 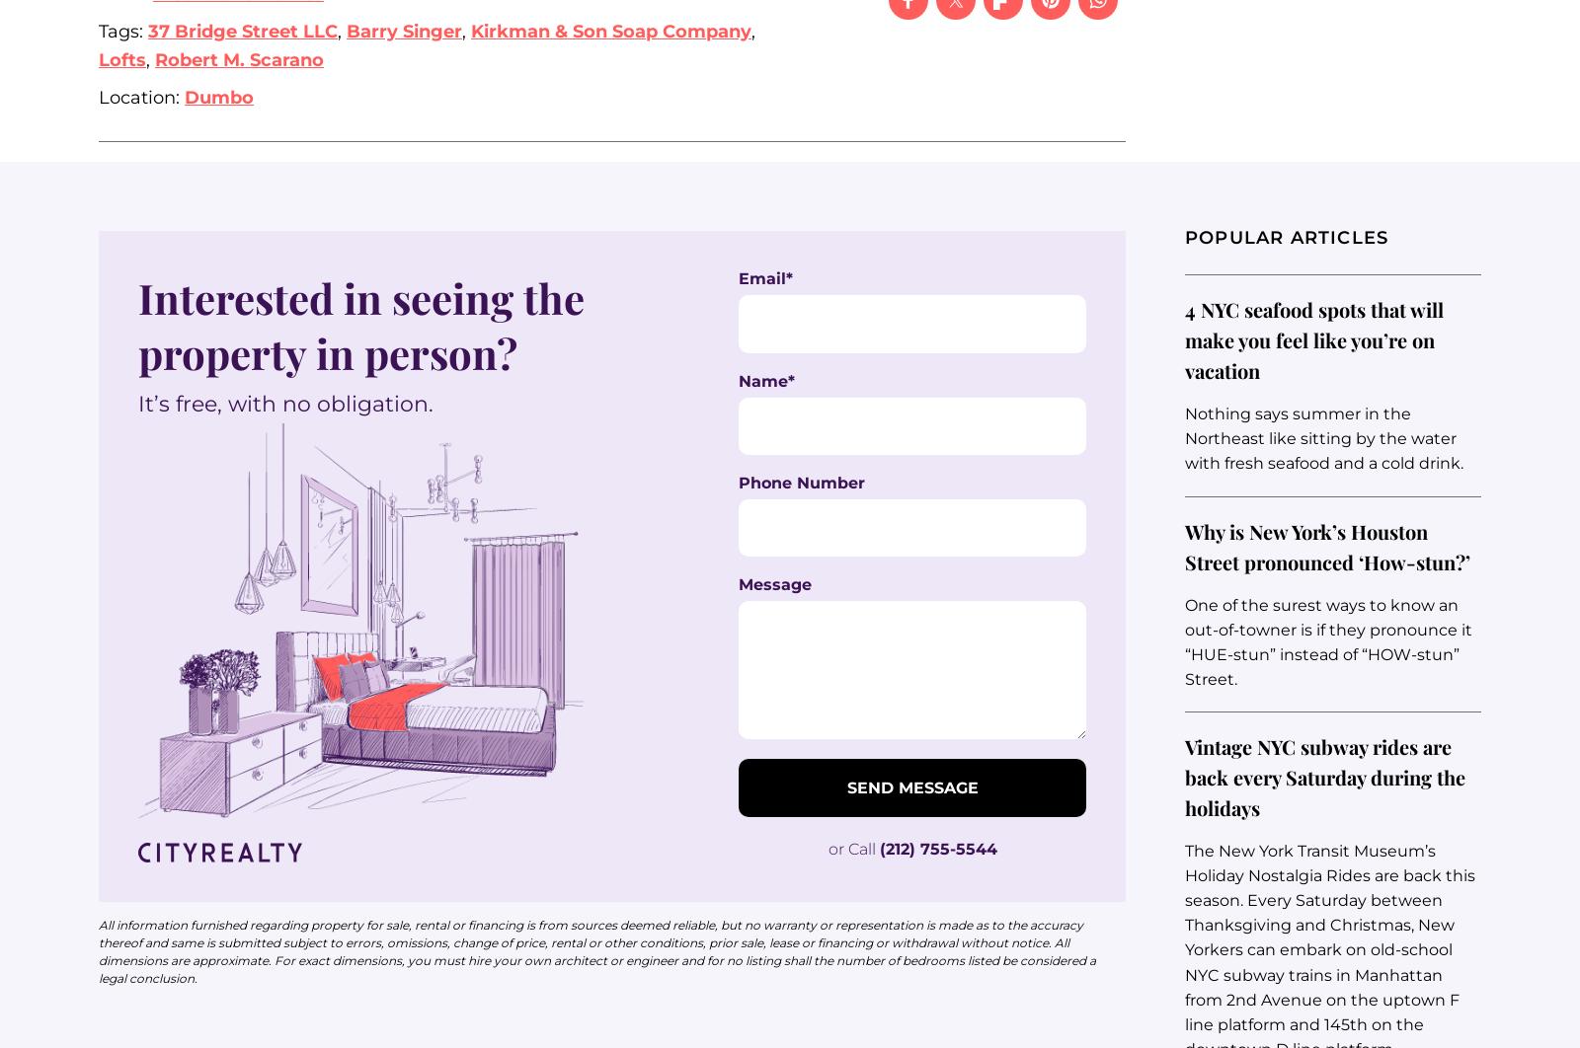 What do you see at coordinates (739, 482) in the screenshot?
I see `'Phone Number'` at bounding box center [739, 482].